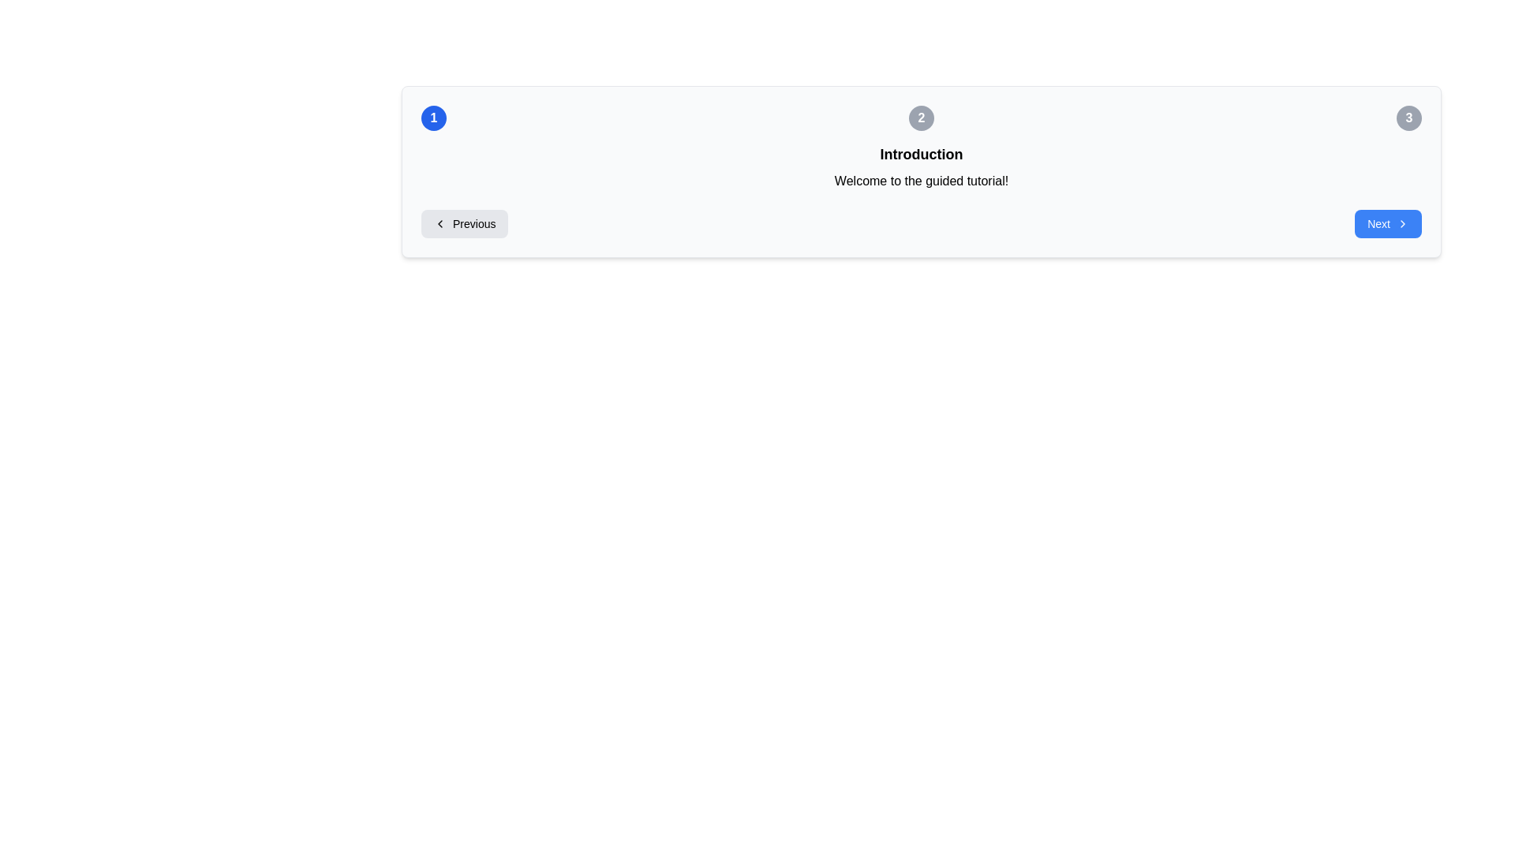  Describe the element at coordinates (1408, 118) in the screenshot. I see `the circular button labeled '3' with a gray background and white bold text` at that location.